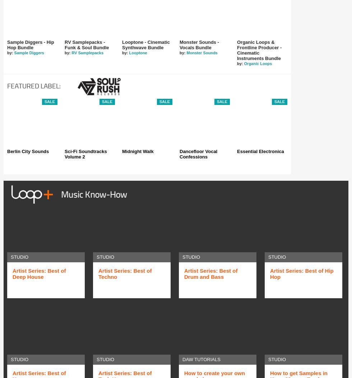  Describe the element at coordinates (98, 273) in the screenshot. I see `'Artist Series: Best of Techno'` at that location.